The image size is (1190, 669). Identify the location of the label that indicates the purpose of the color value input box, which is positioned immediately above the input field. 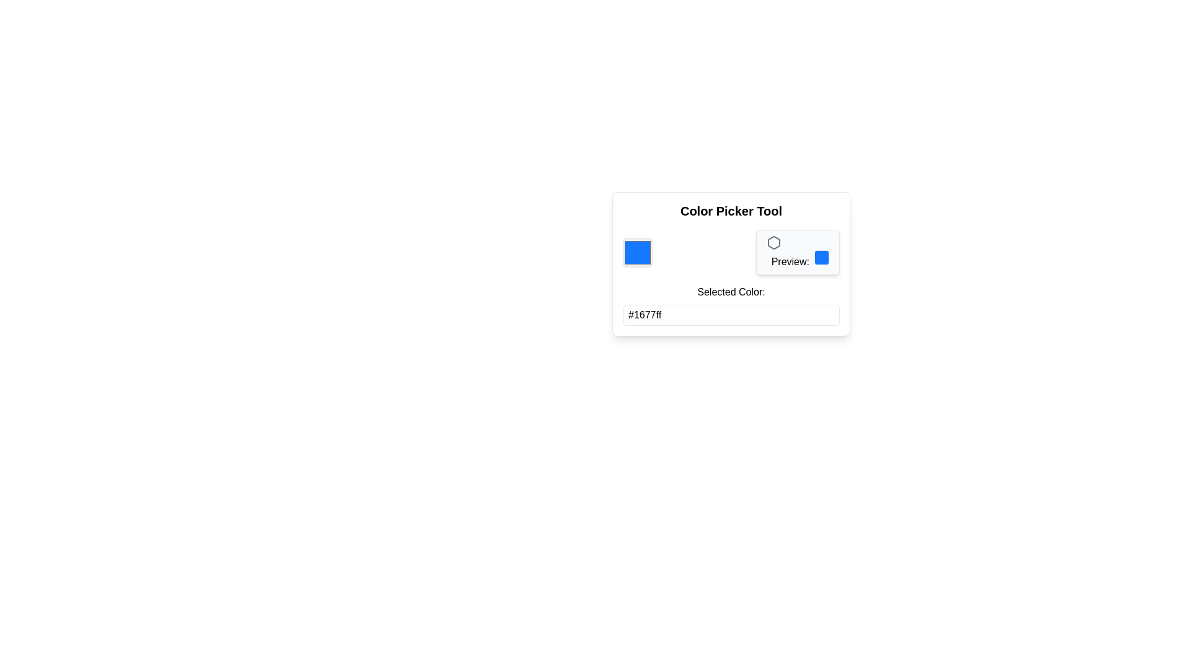
(731, 292).